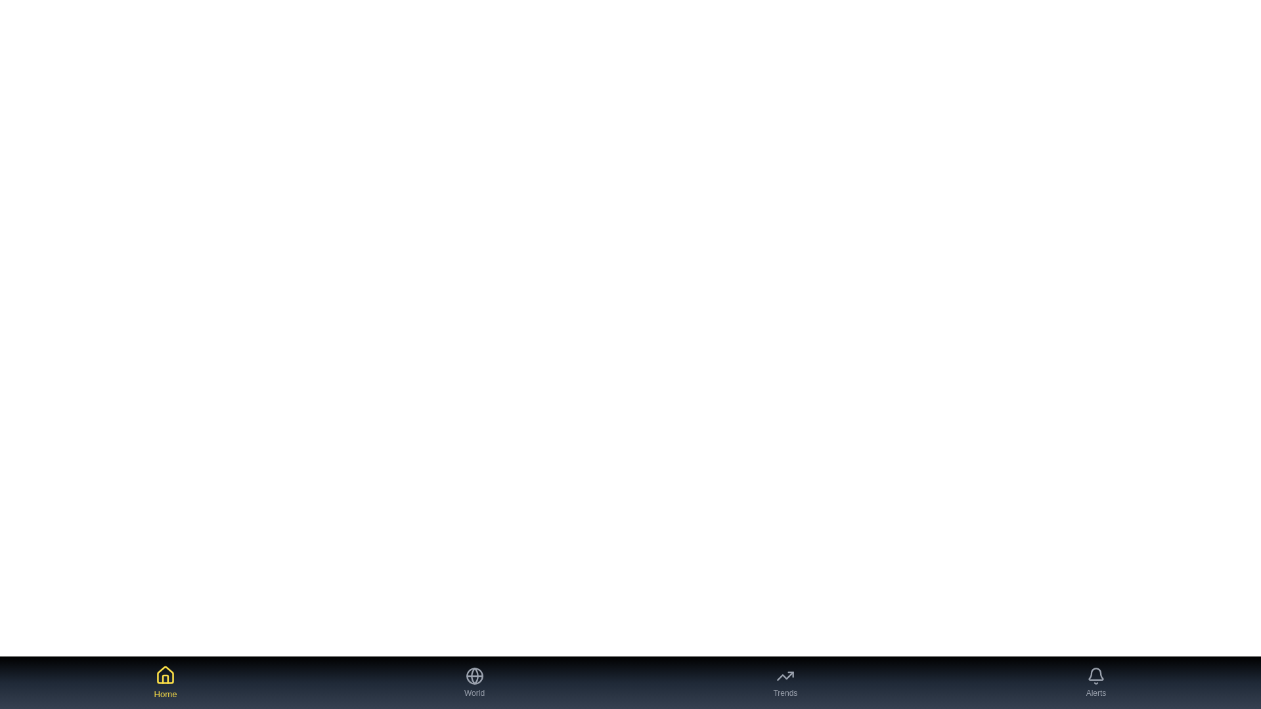  What do you see at coordinates (785, 682) in the screenshot?
I see `the Trends tab to inspect its visual feedback` at bounding box center [785, 682].